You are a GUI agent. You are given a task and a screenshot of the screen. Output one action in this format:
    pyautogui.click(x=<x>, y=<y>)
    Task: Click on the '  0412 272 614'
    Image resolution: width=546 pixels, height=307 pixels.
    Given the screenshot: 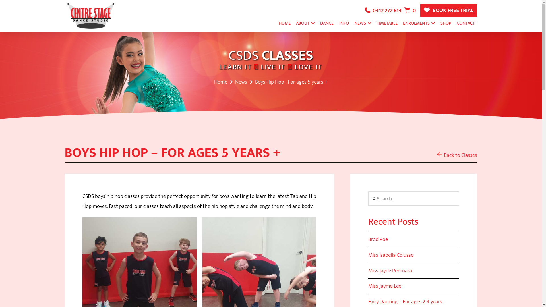 What is the action you would take?
    pyautogui.click(x=365, y=11)
    